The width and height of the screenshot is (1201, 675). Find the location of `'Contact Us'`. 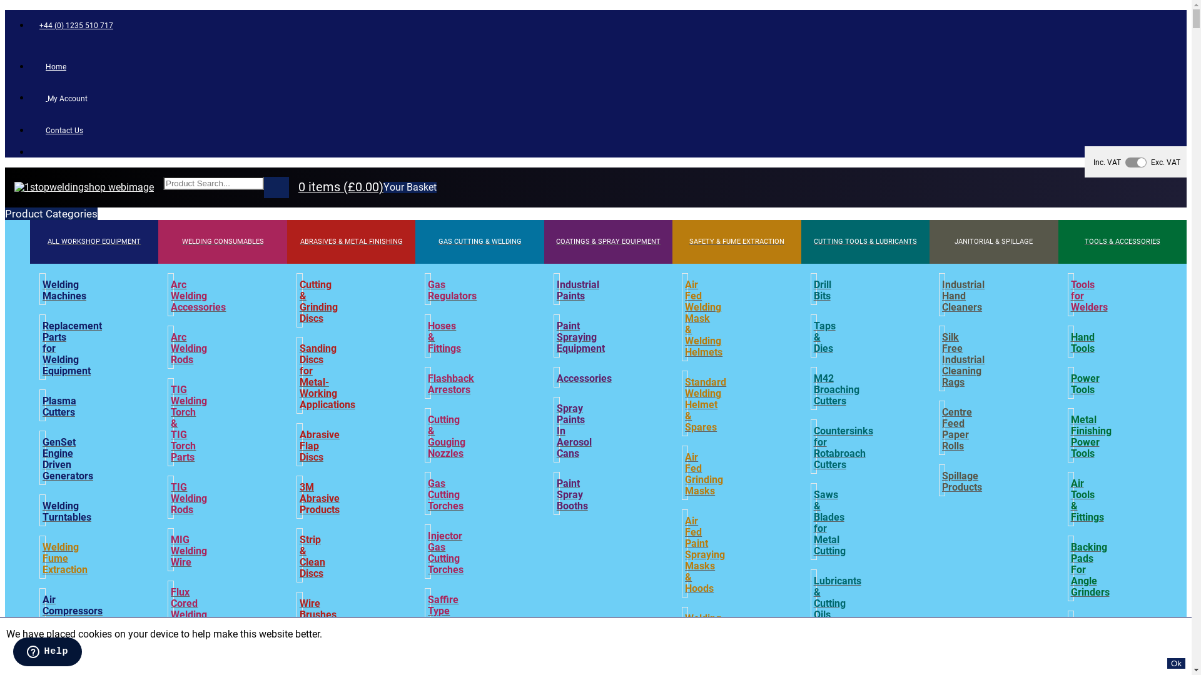

'Contact Us' is located at coordinates (60, 130).